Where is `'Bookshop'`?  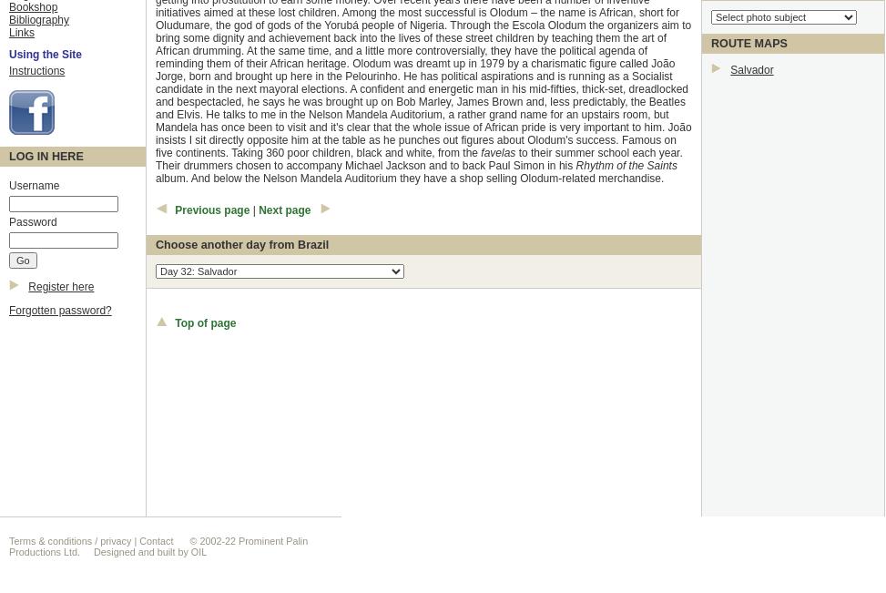
'Bookshop' is located at coordinates (33, 6).